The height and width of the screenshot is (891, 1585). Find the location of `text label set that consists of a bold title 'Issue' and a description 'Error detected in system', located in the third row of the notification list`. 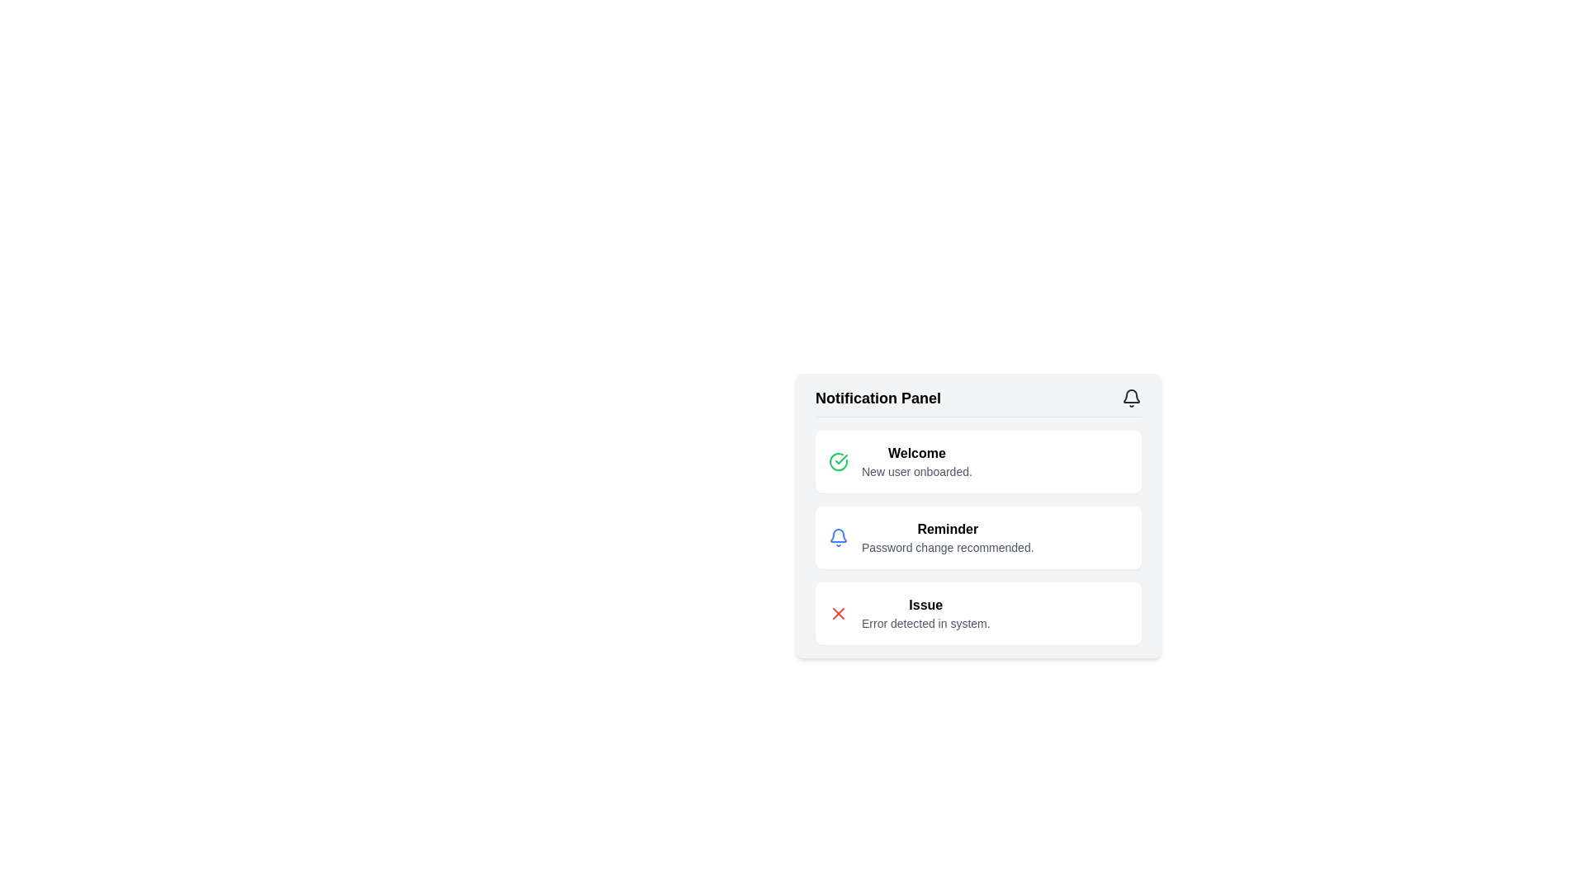

text label set that consists of a bold title 'Issue' and a description 'Error detected in system', located in the third row of the notification list is located at coordinates (925, 614).